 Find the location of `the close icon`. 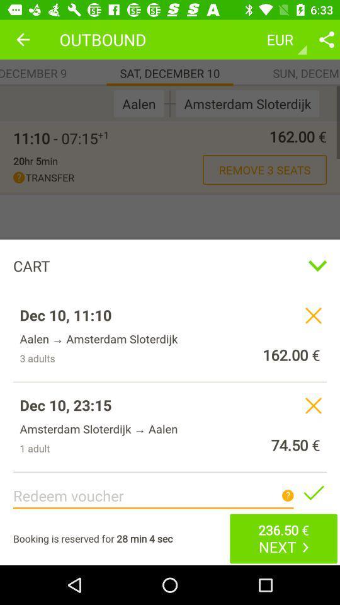

the close icon is located at coordinates (312, 405).